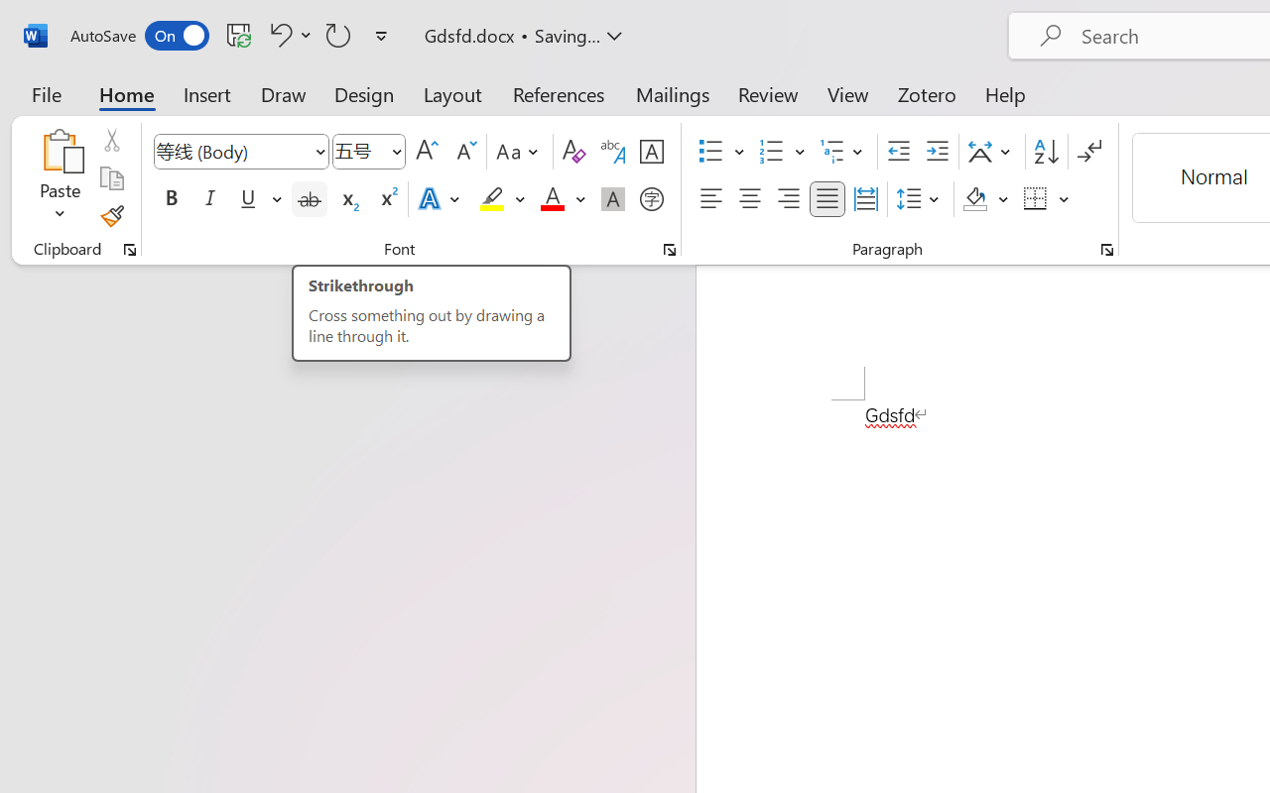  What do you see at coordinates (710, 199) in the screenshot?
I see `'Align Left'` at bounding box center [710, 199].